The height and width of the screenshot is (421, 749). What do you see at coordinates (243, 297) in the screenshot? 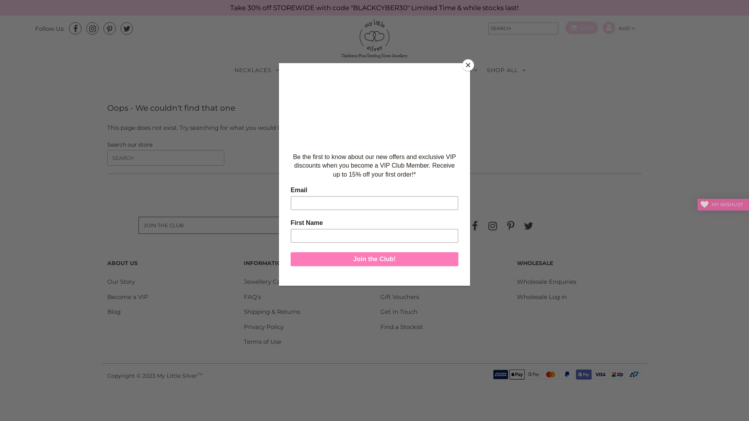
I see `'FAQ's'` at bounding box center [243, 297].